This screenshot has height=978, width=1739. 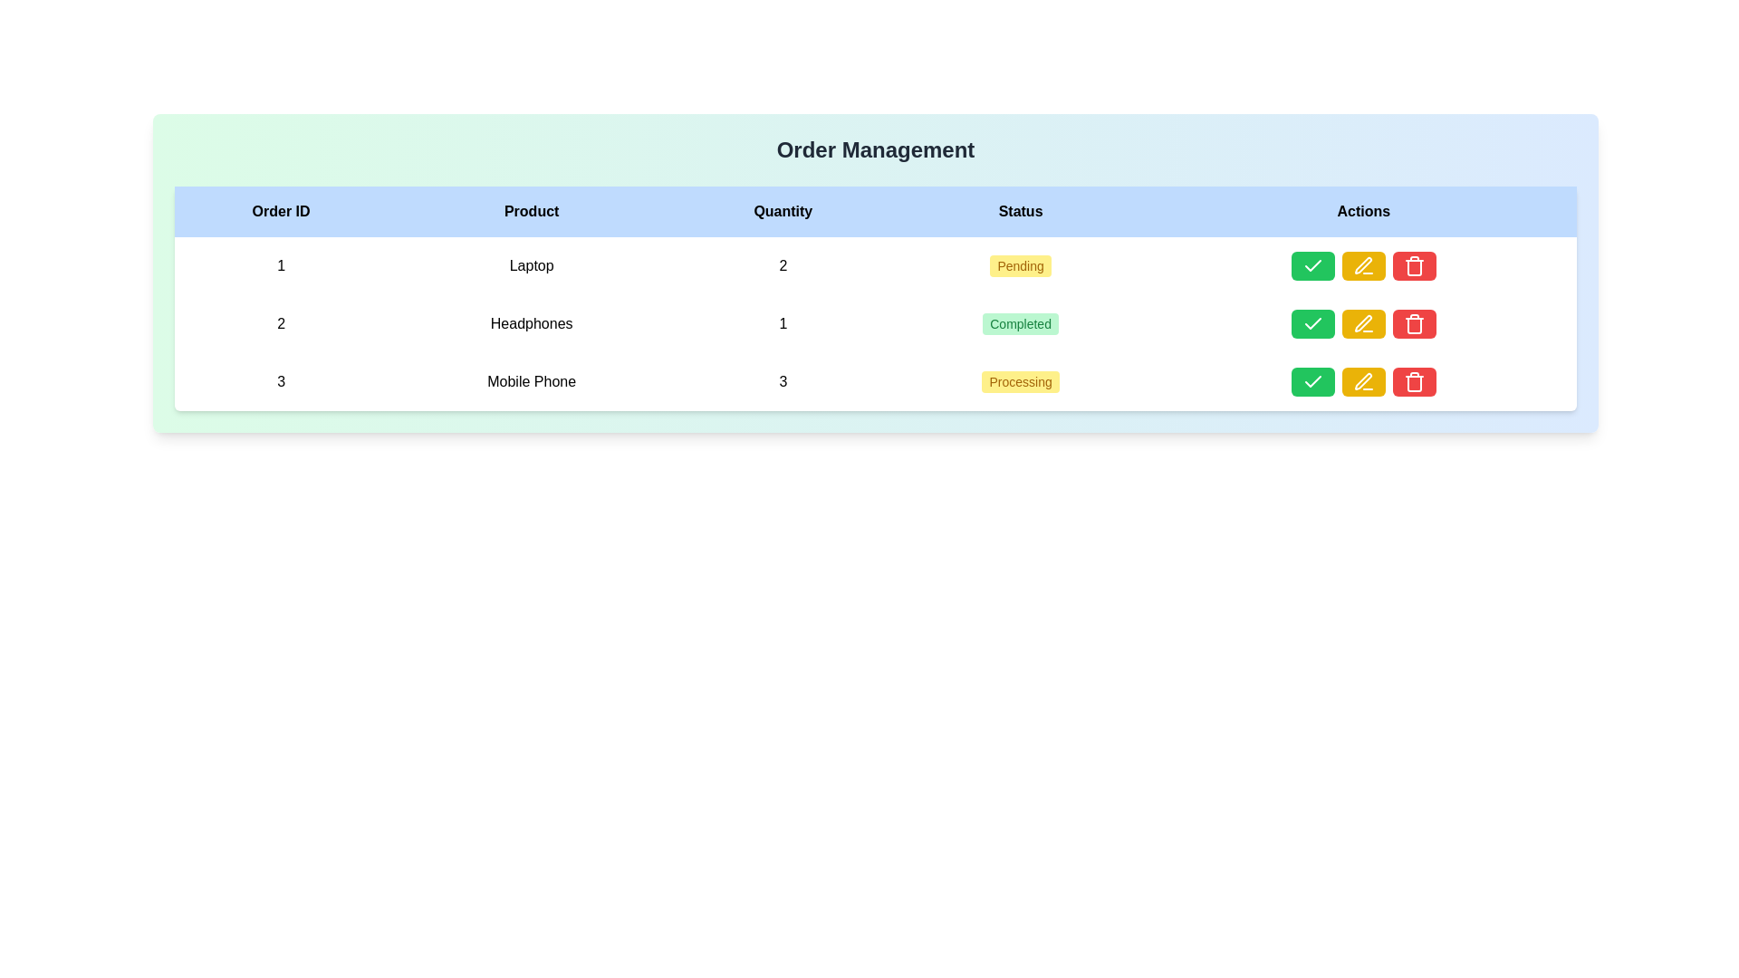 I want to click on the static text label displaying the quantity of the product 'Laptop', located in the third cell of the 'Quantity' column in the table, so click(x=783, y=265).